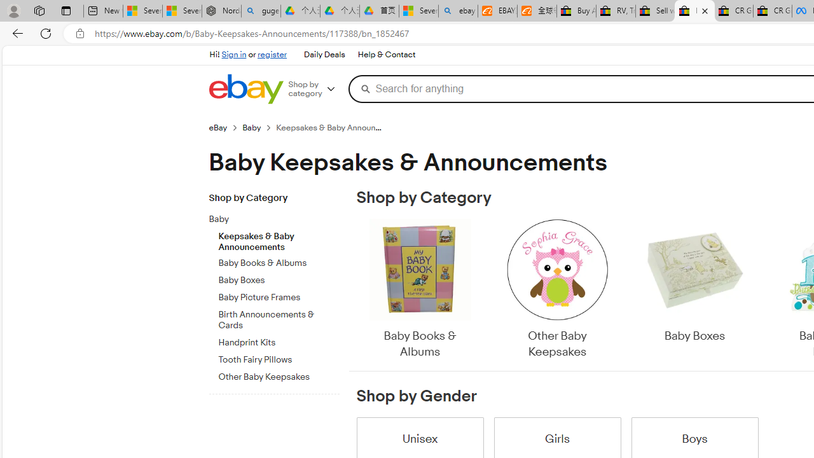  I want to click on 'Baby', so click(278, 216).